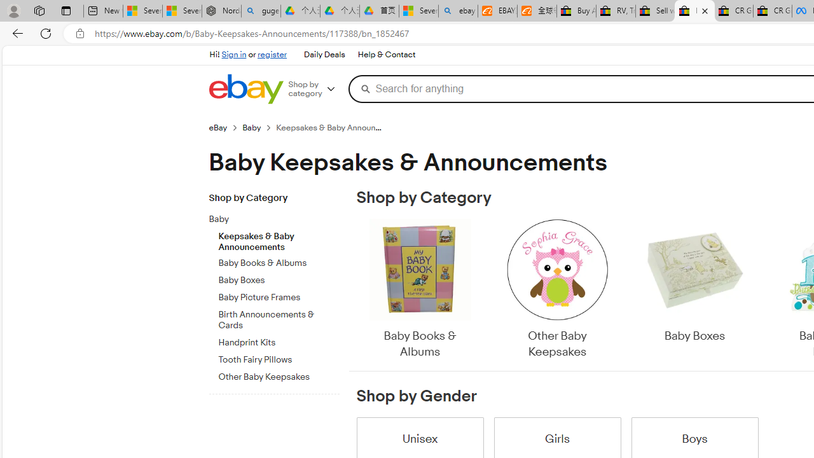  I want to click on 'Baby', so click(278, 216).